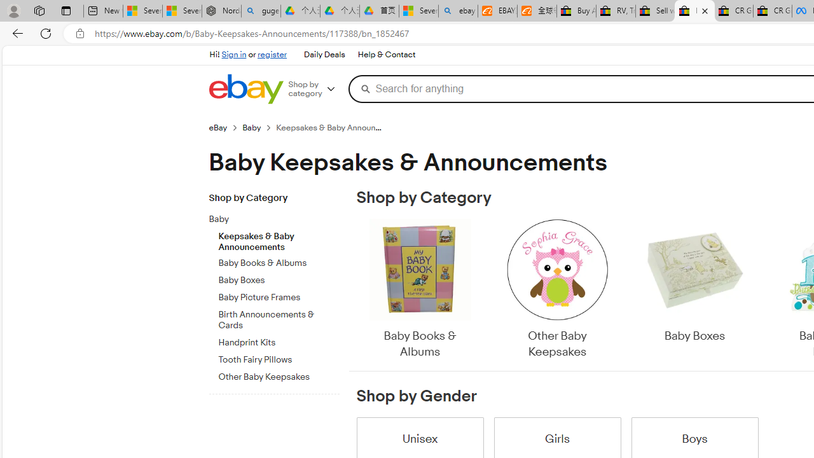  I want to click on 'Baby', so click(278, 216).